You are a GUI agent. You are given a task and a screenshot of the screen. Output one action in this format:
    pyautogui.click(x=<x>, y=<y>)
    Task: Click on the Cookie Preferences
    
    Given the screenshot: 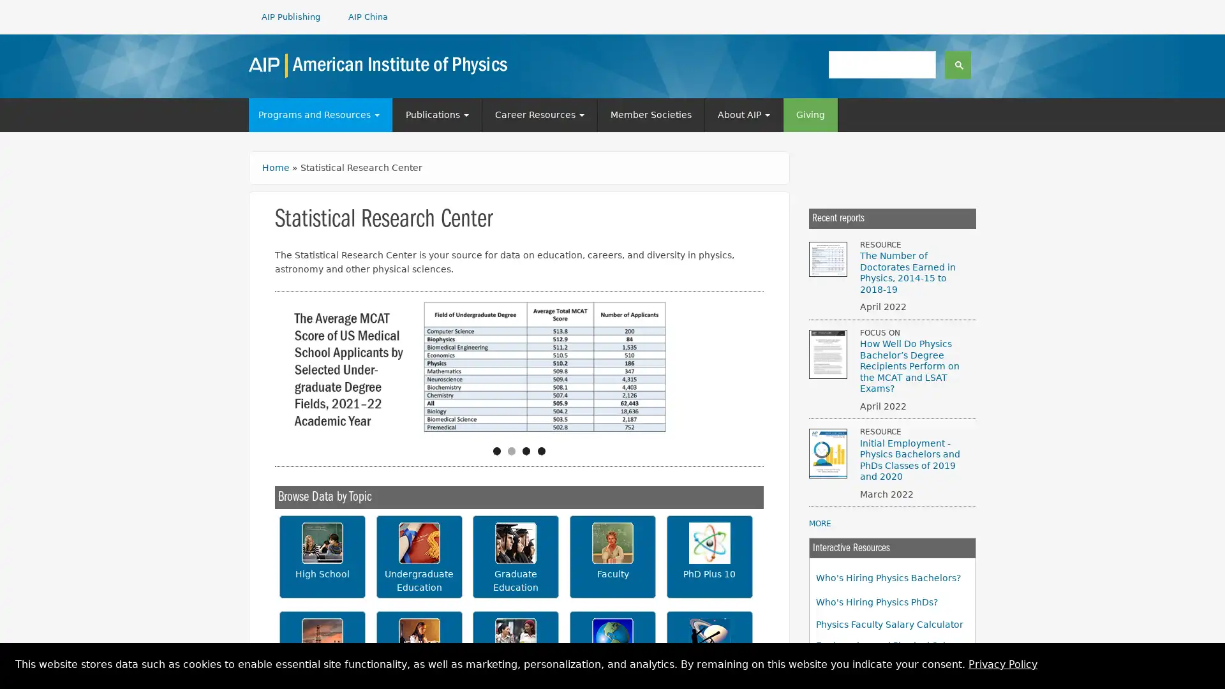 What is the action you would take?
    pyautogui.click(x=1203, y=668)
    